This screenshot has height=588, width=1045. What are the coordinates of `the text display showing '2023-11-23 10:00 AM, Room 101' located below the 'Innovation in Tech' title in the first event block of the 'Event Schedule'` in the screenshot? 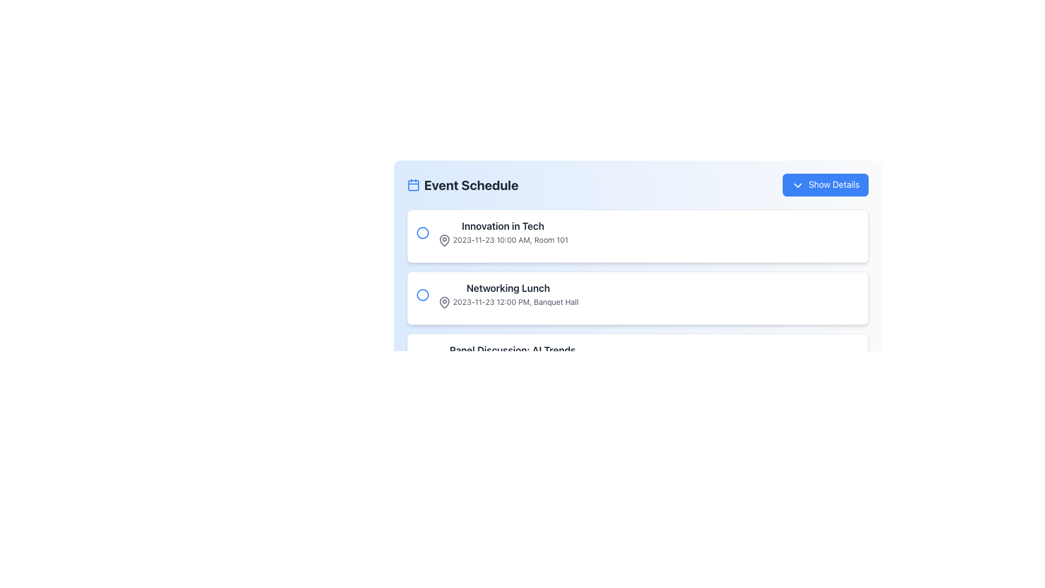 It's located at (502, 240).